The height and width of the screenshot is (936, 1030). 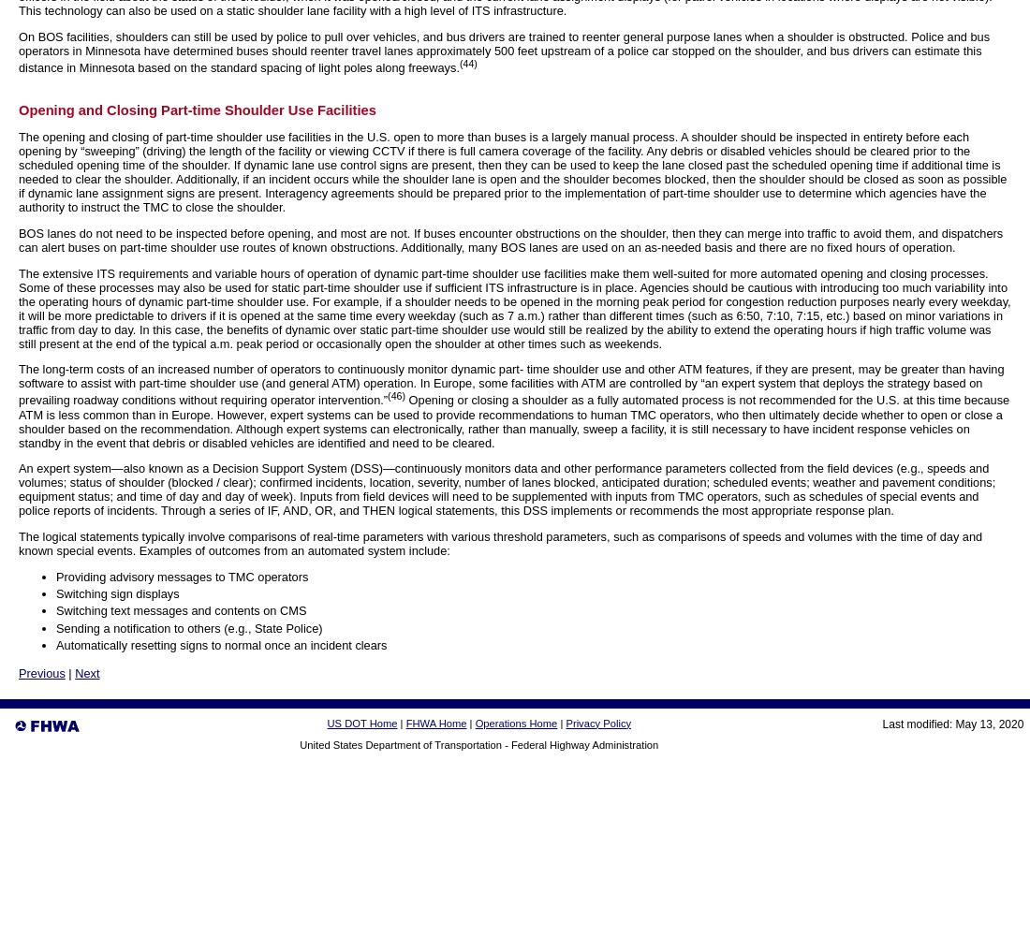 What do you see at coordinates (510, 240) in the screenshot?
I see `'BOS lanes do not need to be inspected before opening, and most are not. If buses encounter obstructions on the shoulder, then they can merge into traffic to avoid them, and dispatchers can alert buses on part-time shoulder use routes of known obstructions. Additionally, many BOS lanes are used on an as-needed basis and there are no fixed hours of operation.'` at bounding box center [510, 240].